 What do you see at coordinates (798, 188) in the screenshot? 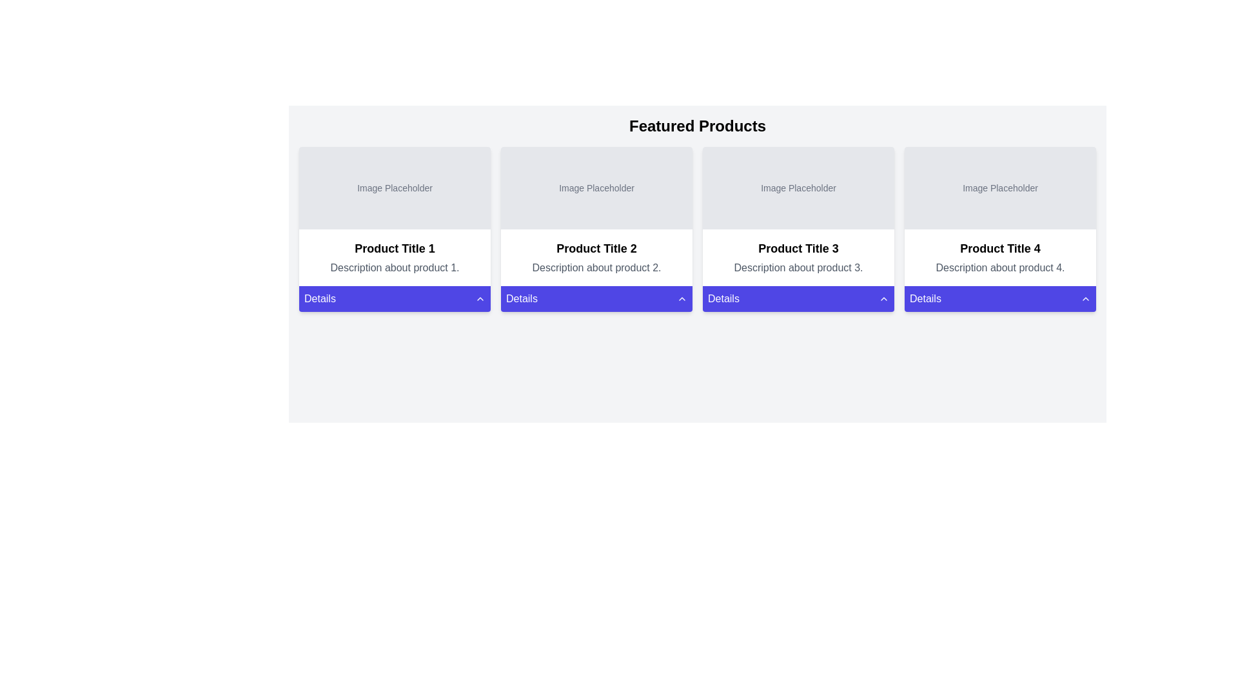
I see `the static text label reading 'Image Placeholder' located at the top-center of the third product card in a grid layout` at bounding box center [798, 188].